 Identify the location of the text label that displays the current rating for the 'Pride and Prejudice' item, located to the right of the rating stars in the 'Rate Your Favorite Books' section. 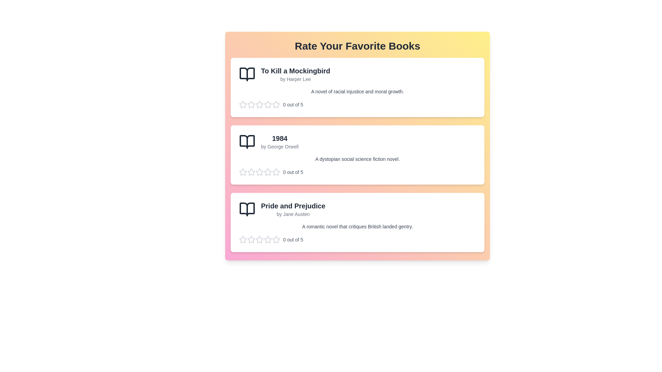
(293, 239).